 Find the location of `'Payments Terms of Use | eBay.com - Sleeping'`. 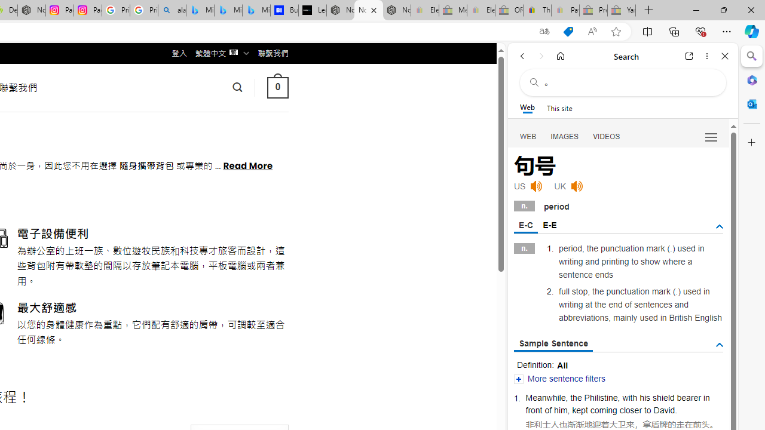

'Payments Terms of Use | eBay.com - Sleeping' is located at coordinates (564, 10).